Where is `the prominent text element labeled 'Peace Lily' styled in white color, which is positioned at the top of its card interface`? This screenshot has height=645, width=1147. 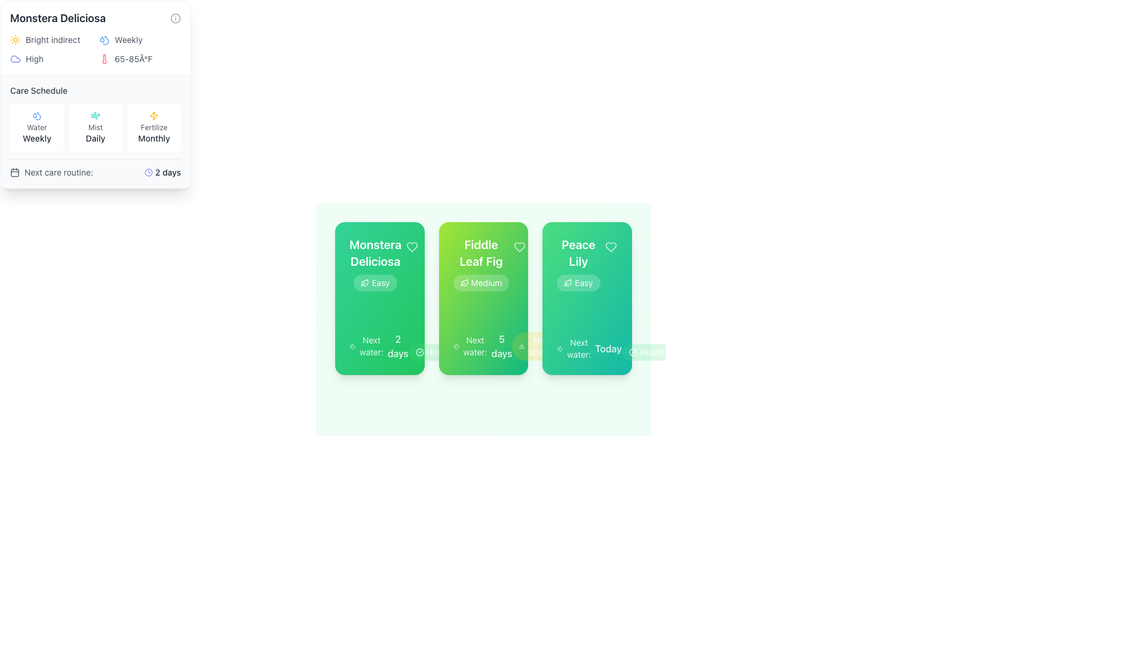 the prominent text element labeled 'Peace Lily' styled in white color, which is positioned at the top of its card interface is located at coordinates (578, 253).